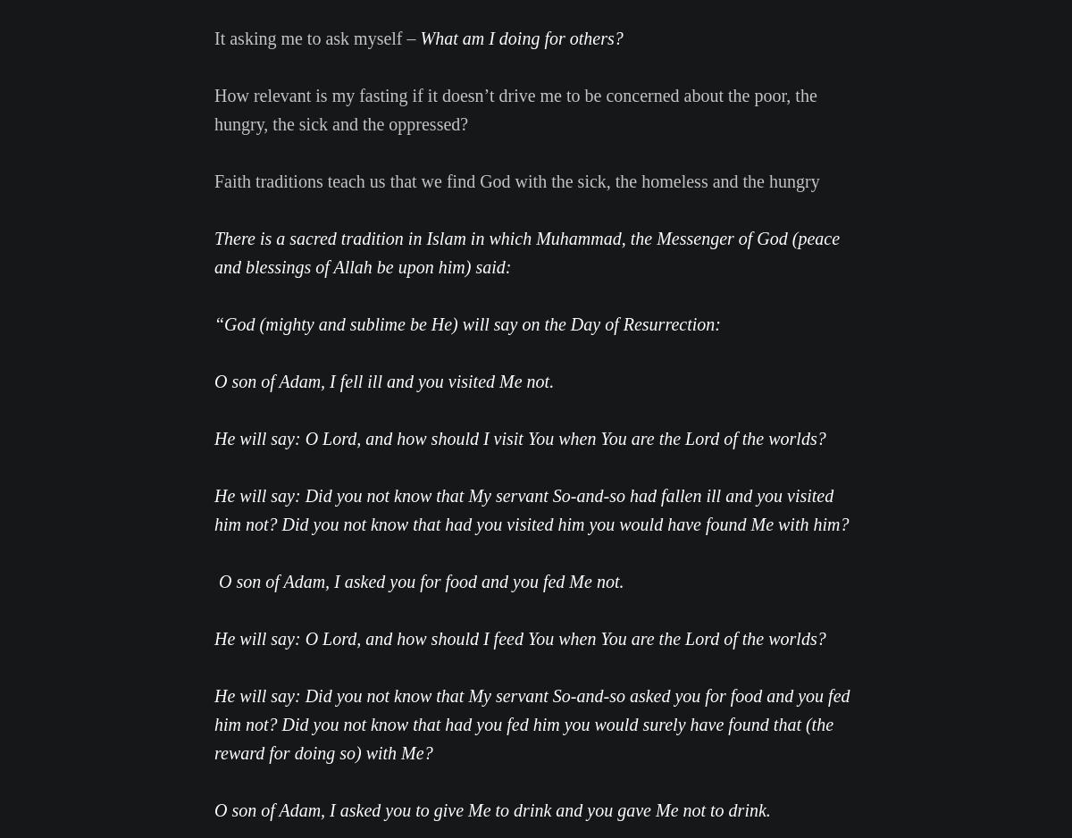 This screenshot has width=1072, height=838. I want to click on '“God (mighty and sublime be He) will say on the Day of Resurrection:', so click(465, 324).